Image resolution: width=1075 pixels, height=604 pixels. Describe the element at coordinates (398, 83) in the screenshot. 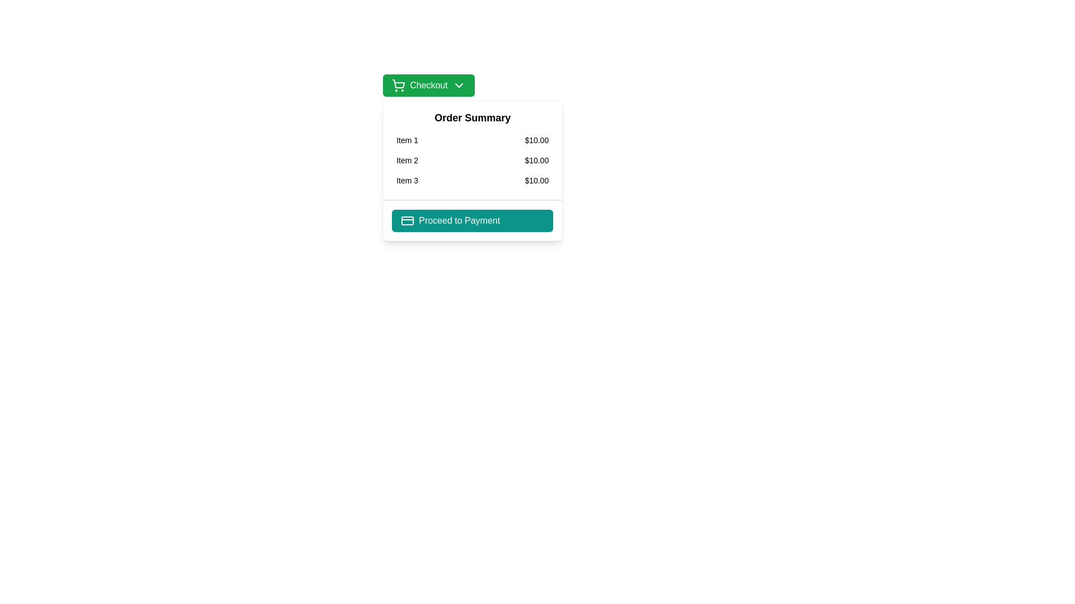

I see `the shopping cart icon located within the green 'Checkout' button, which signifies a checkout action` at that location.